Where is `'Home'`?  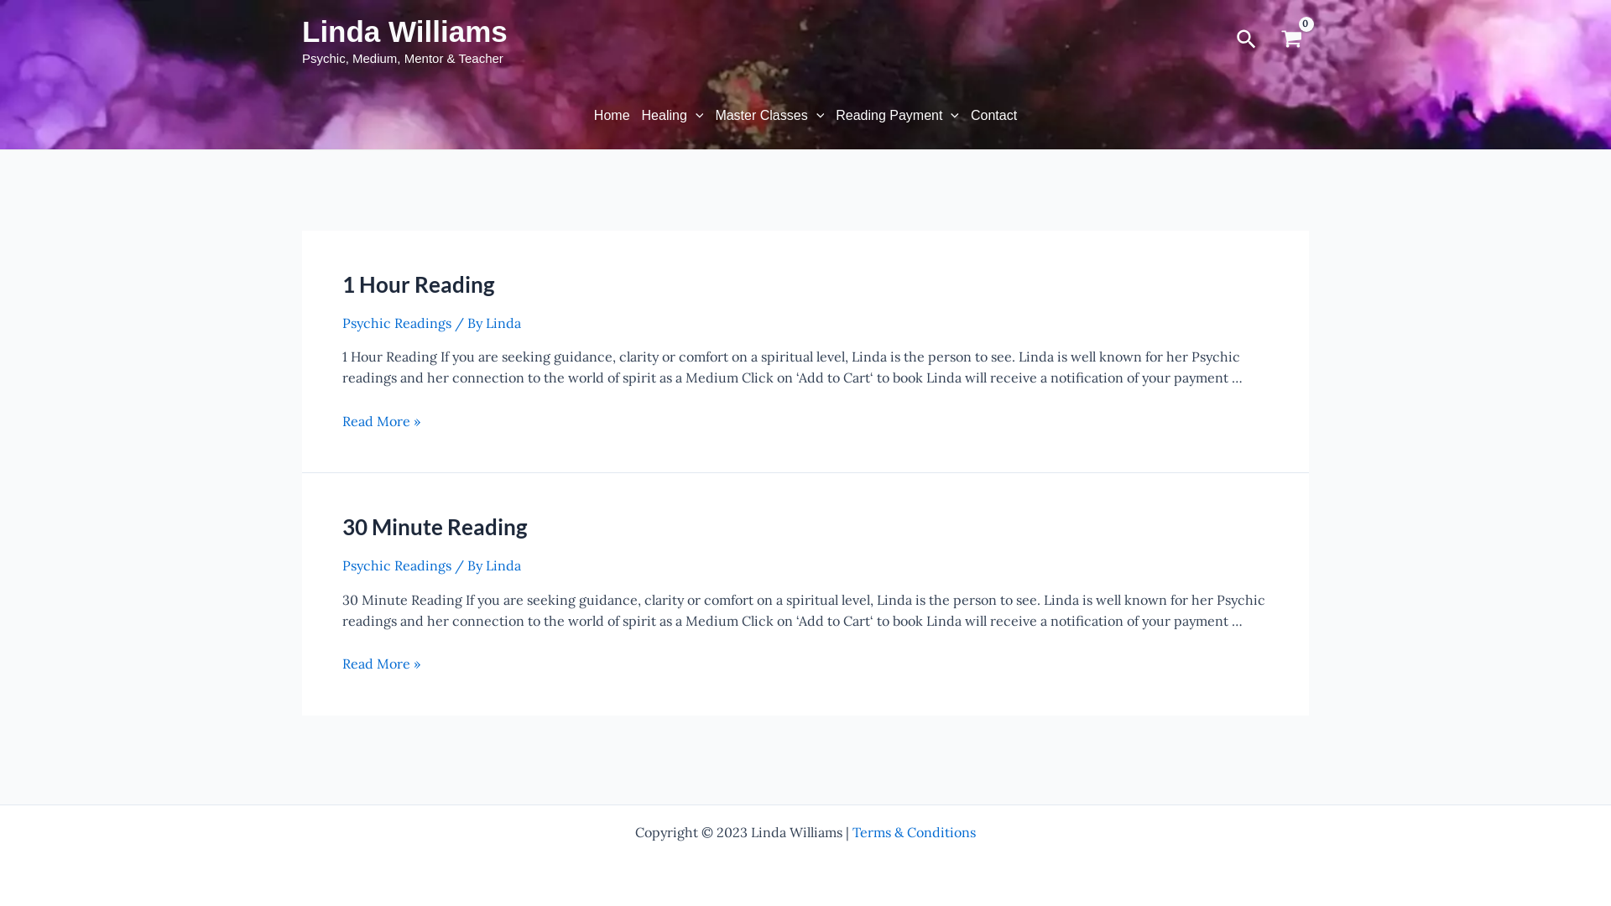 'Home' is located at coordinates (611, 115).